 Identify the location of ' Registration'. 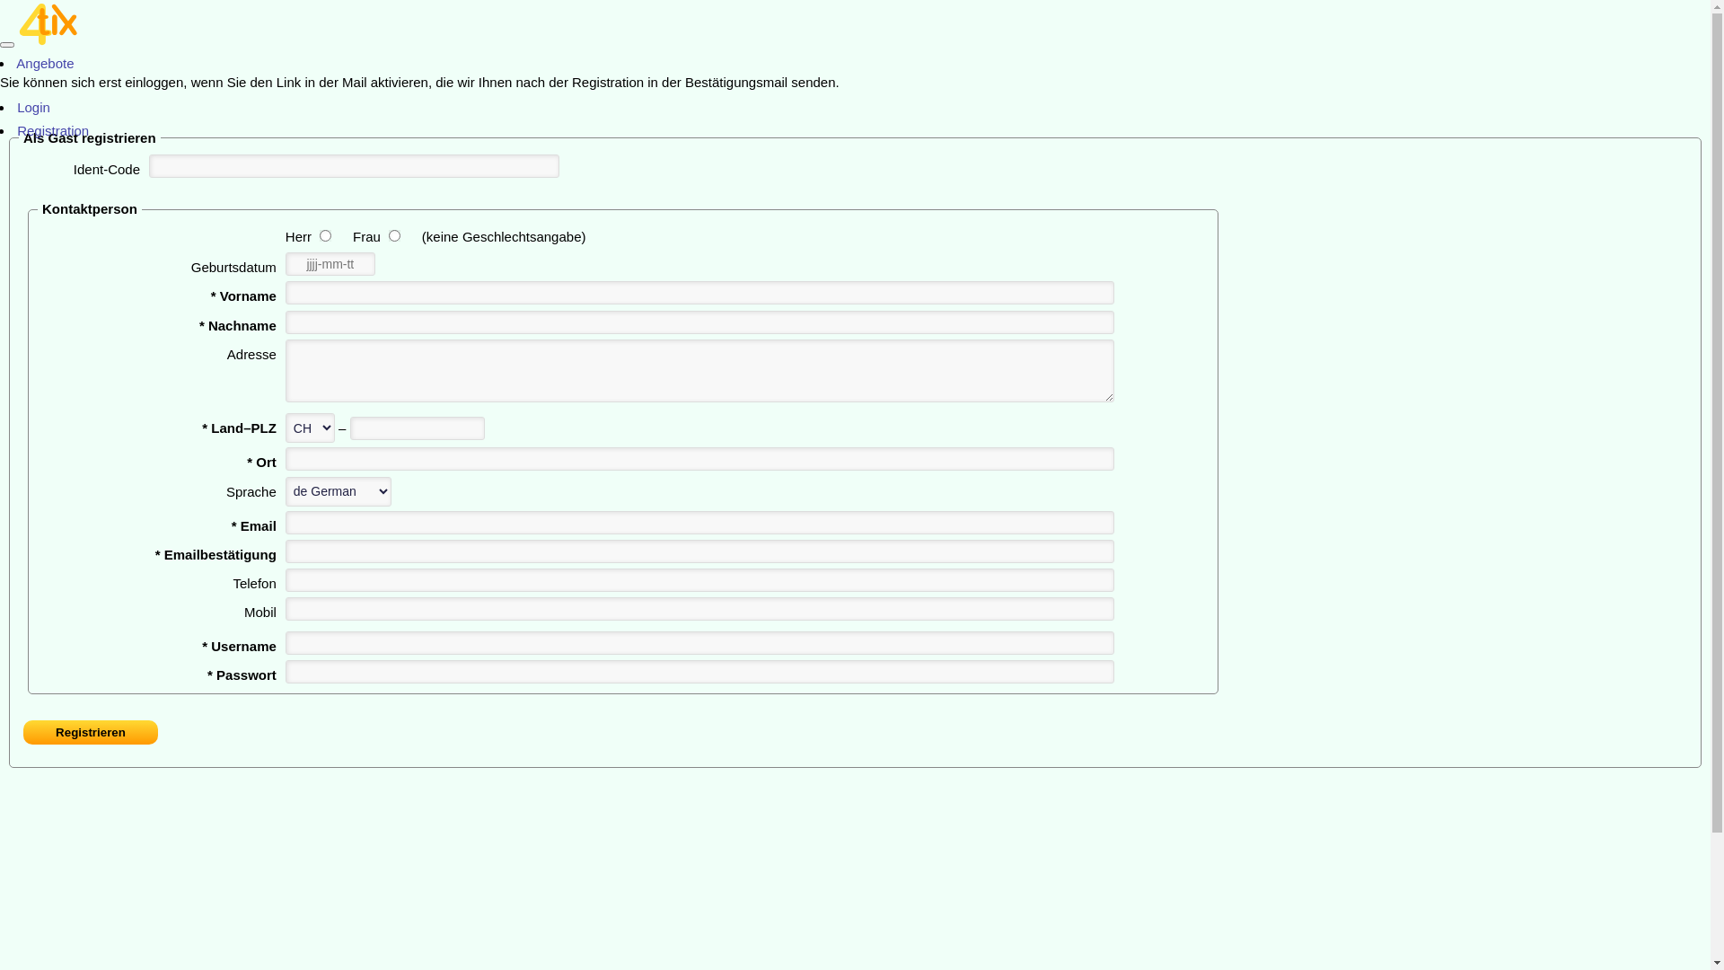
(51, 129).